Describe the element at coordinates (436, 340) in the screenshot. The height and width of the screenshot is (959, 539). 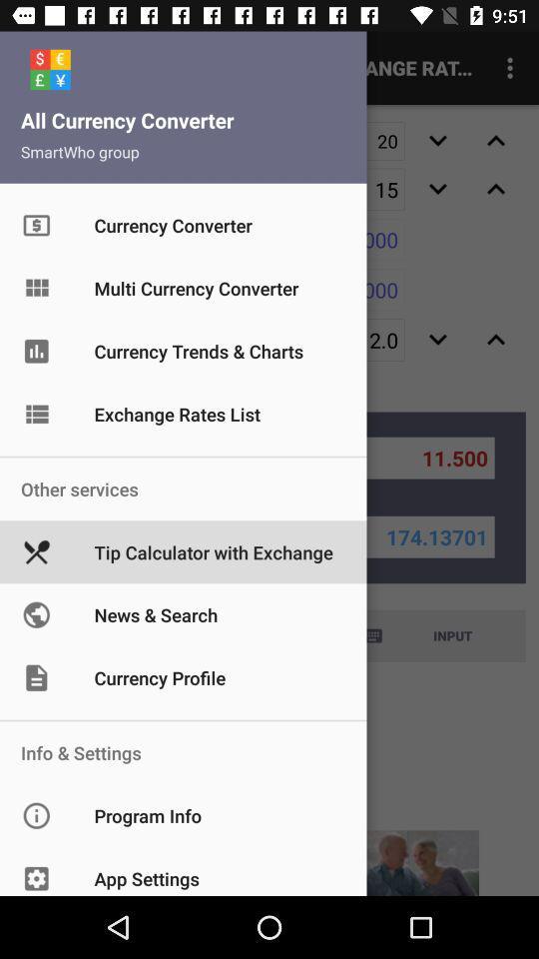
I see `the expand_more icon` at that location.